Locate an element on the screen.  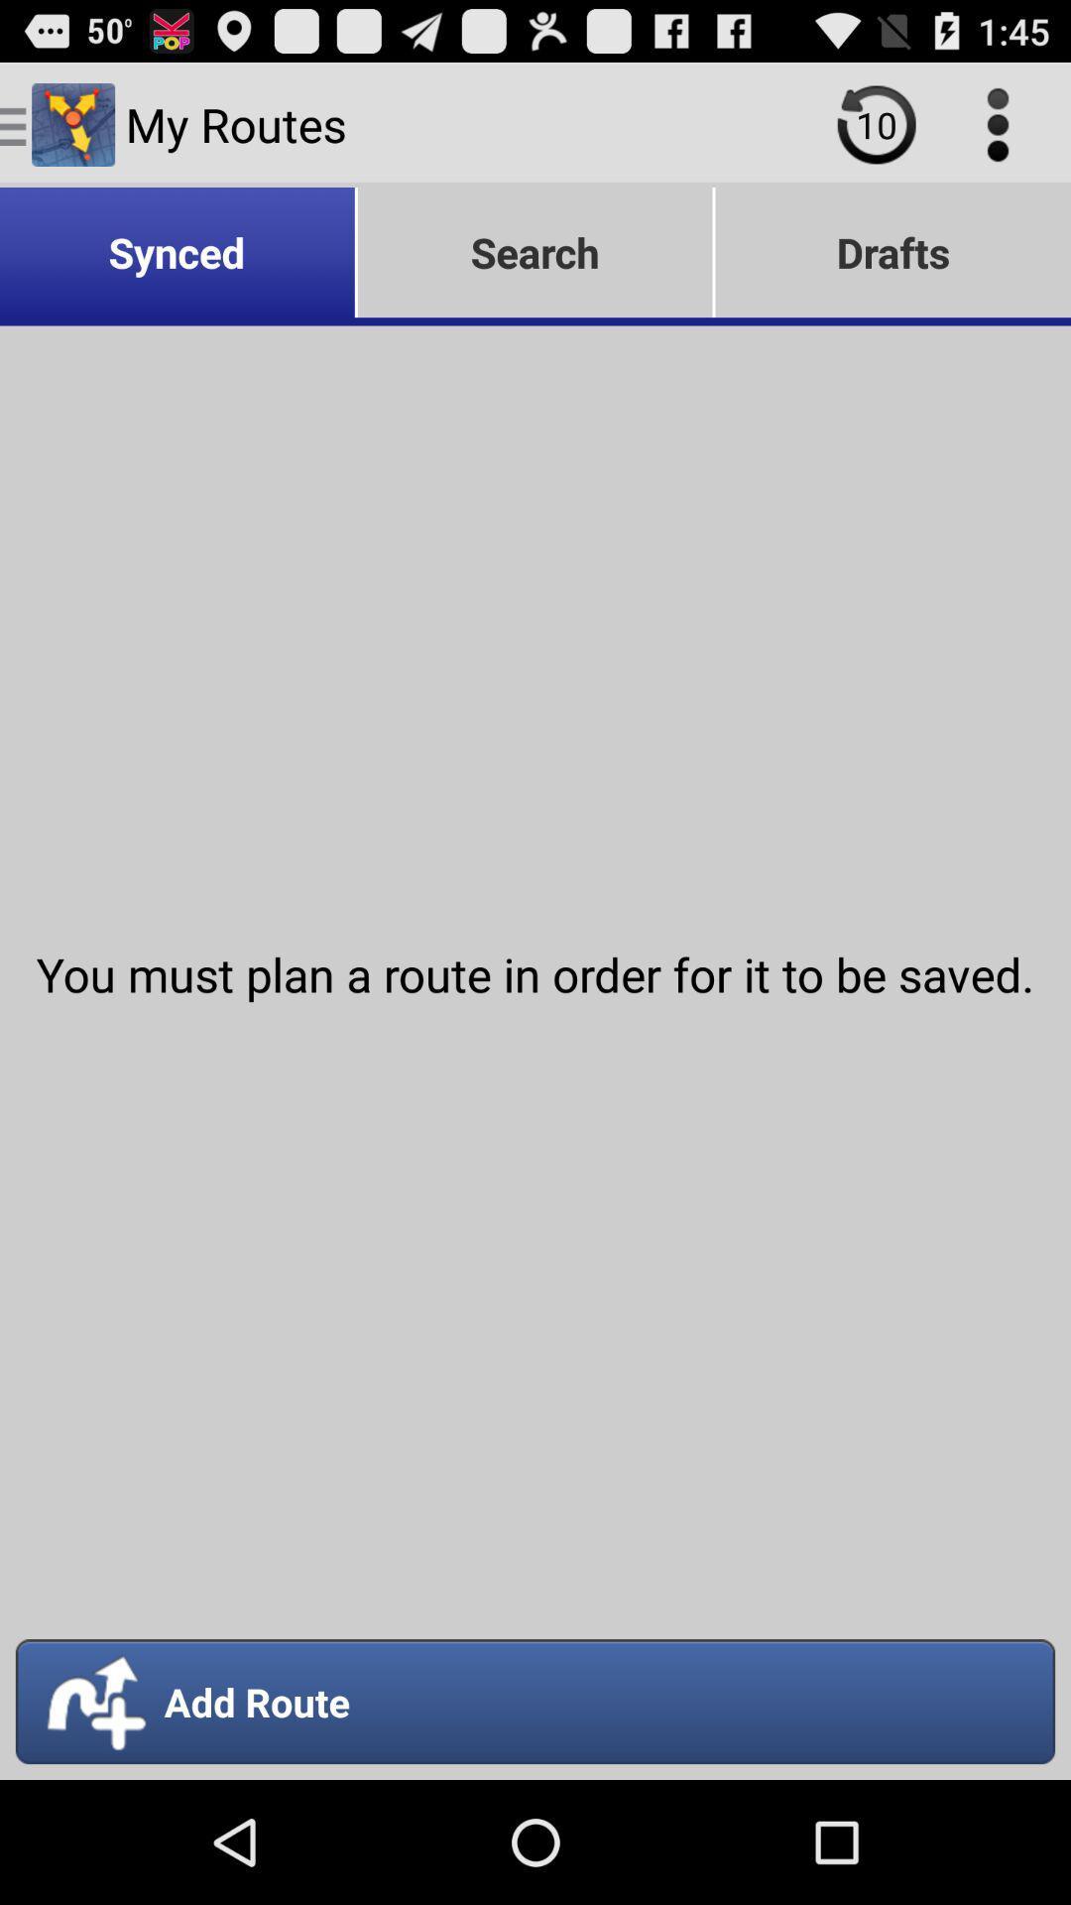
icon next to the my routes app is located at coordinates (876, 123).